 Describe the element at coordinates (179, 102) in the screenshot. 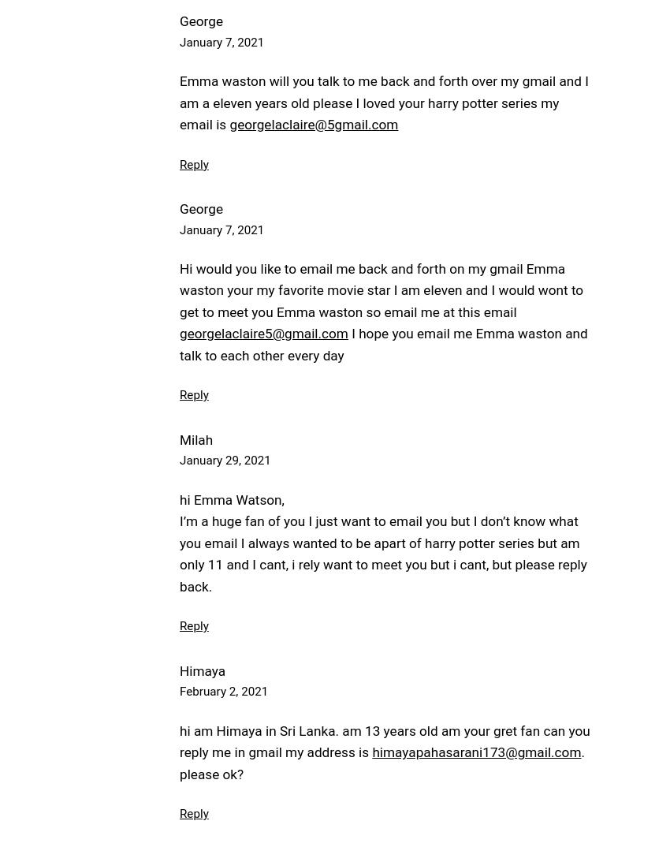

I see `'Emma waston will you talk to me back and forth over my gmail and I am a eleven years old please I loved your harry potter series my email is'` at that location.